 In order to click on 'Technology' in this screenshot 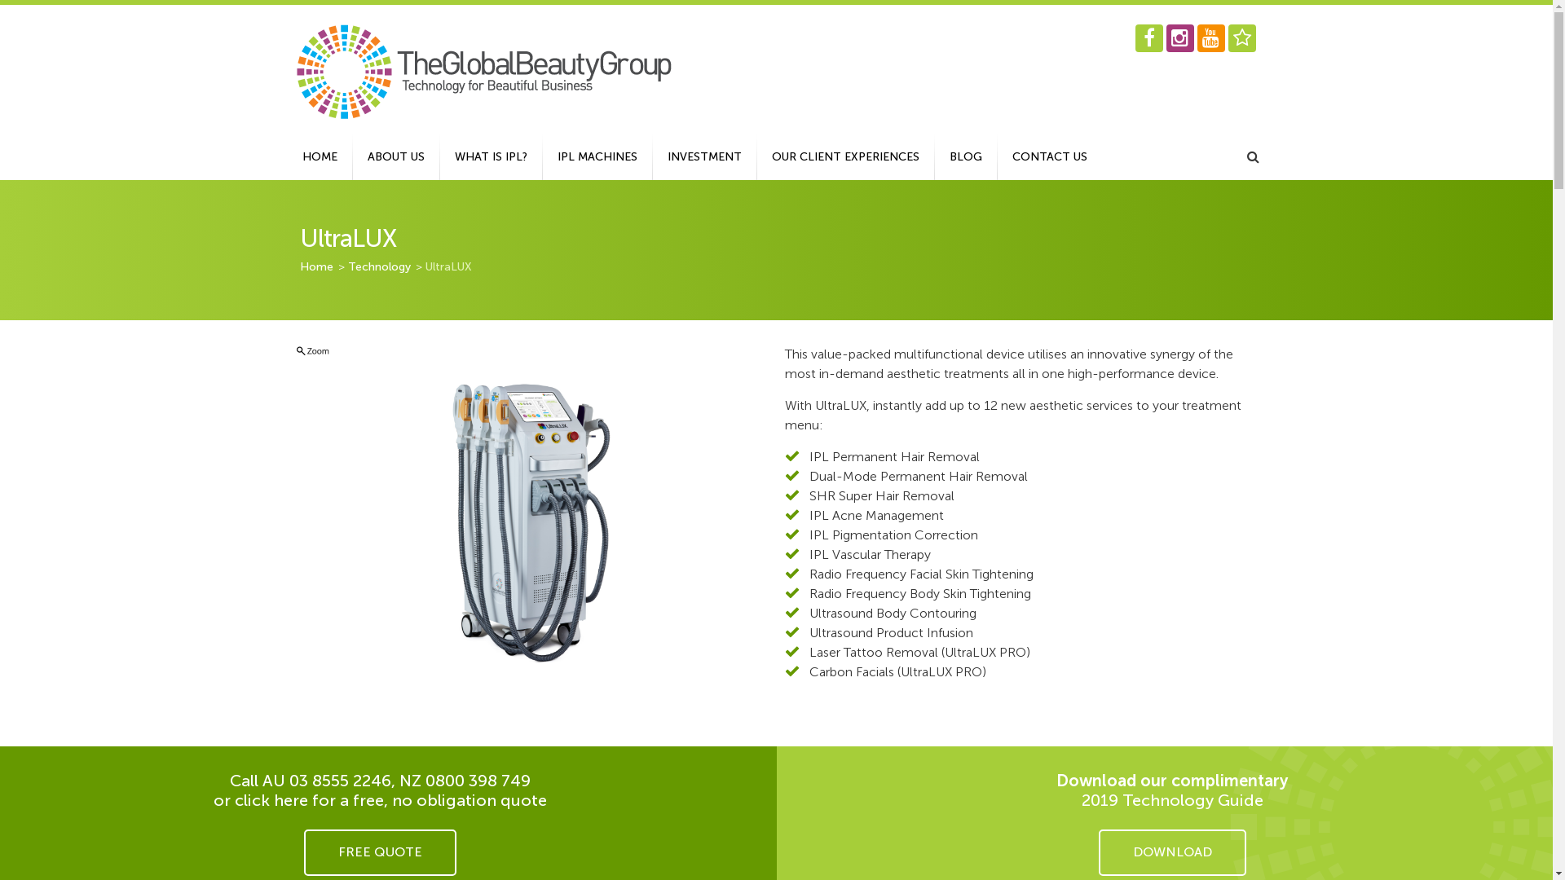, I will do `click(378, 266)`.